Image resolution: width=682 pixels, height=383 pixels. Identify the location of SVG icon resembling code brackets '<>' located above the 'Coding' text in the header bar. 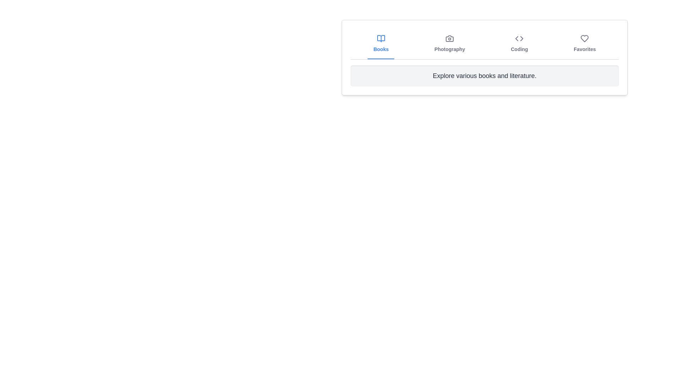
(519, 38).